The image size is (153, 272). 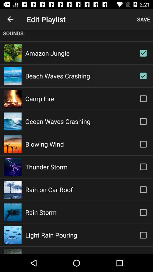 What do you see at coordinates (12, 53) in the screenshot?
I see `the image at left side of amazon jungle` at bounding box center [12, 53].